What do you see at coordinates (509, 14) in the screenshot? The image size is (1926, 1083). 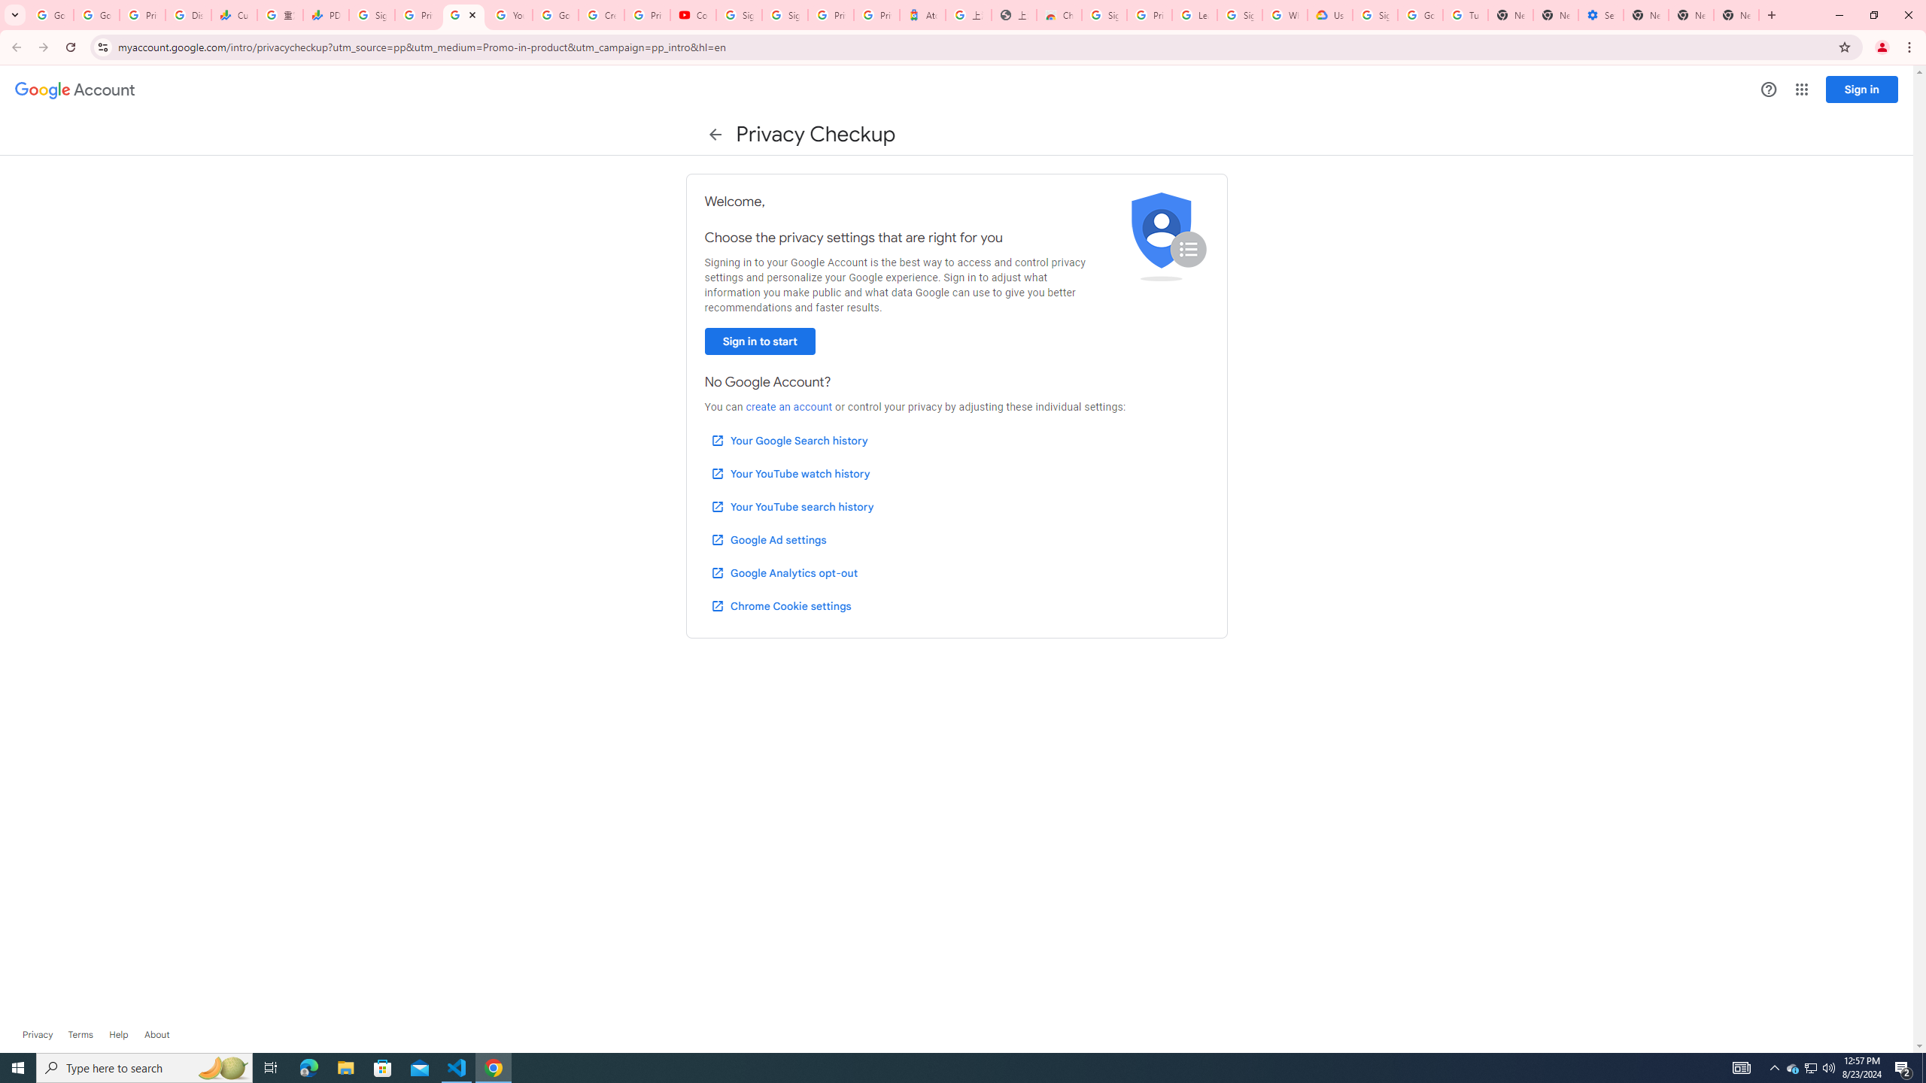 I see `'YouTube'` at bounding box center [509, 14].